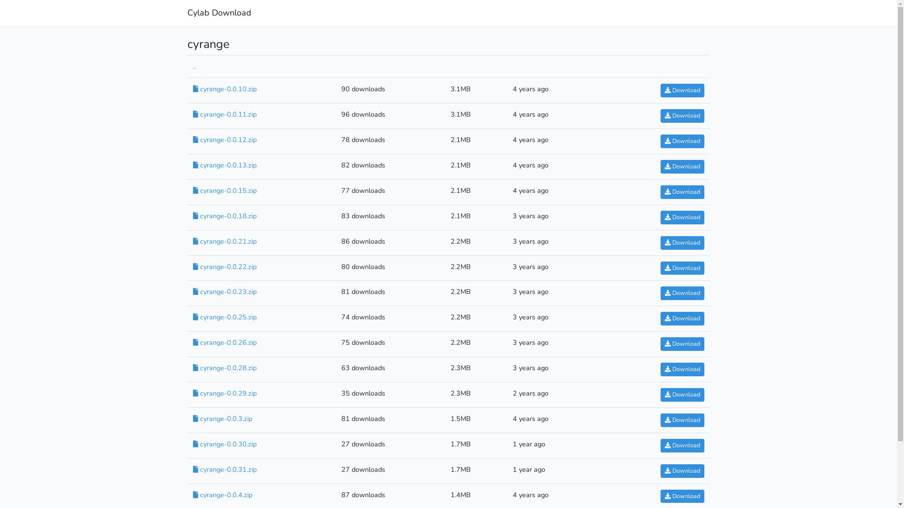 This screenshot has width=904, height=508. I want to click on 'Cylab Download', so click(218, 13).